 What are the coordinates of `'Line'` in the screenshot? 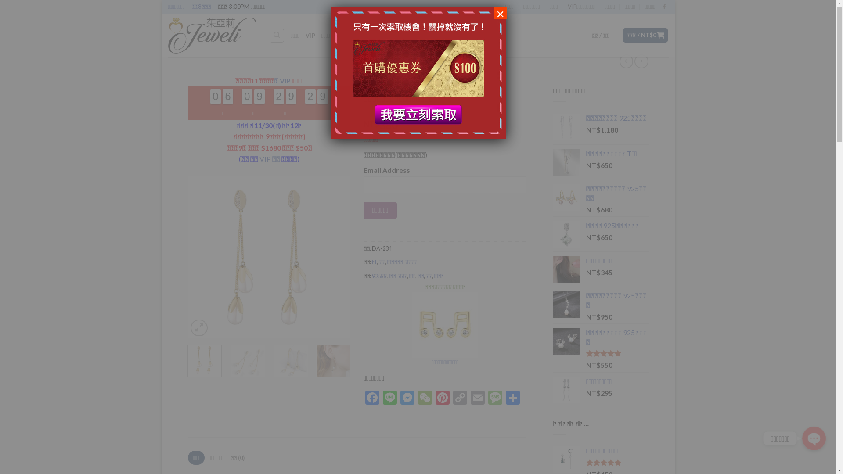 It's located at (389, 398).